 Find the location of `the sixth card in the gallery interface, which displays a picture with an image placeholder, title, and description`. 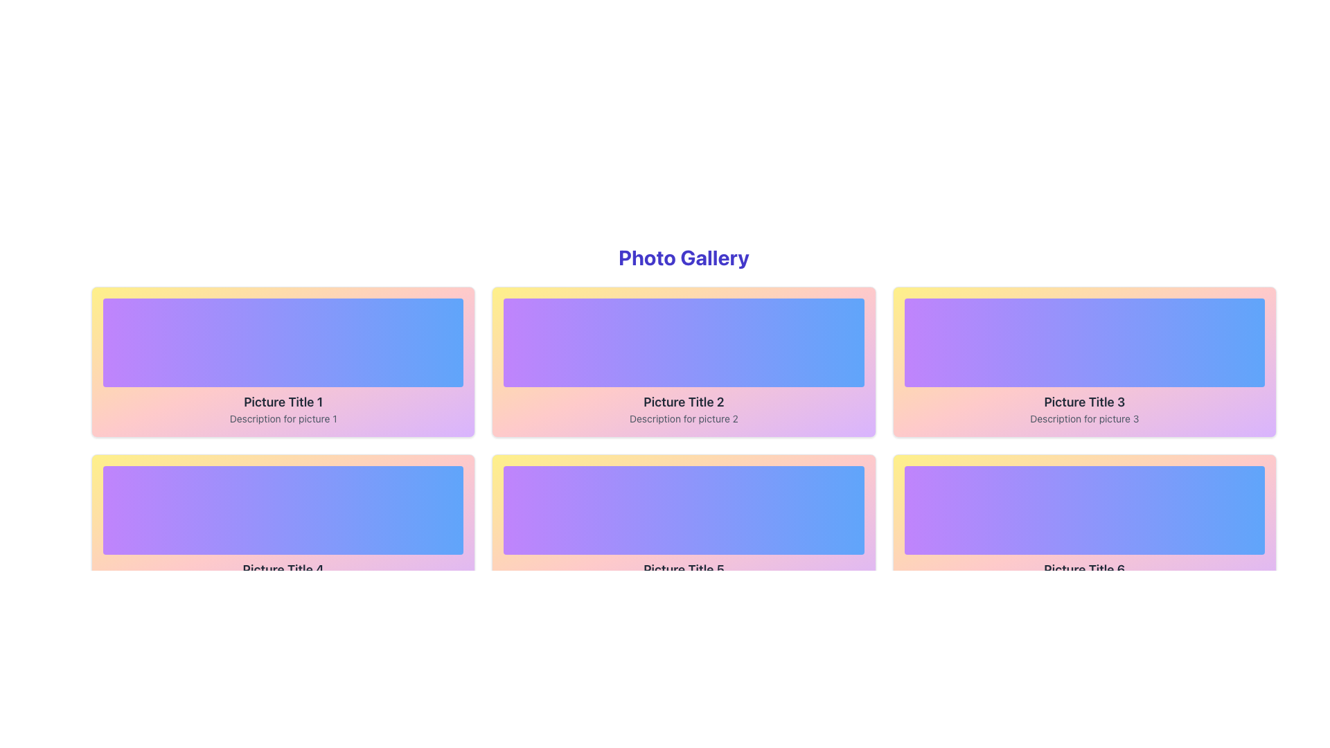

the sixth card in the gallery interface, which displays a picture with an image placeholder, title, and description is located at coordinates (1083, 529).